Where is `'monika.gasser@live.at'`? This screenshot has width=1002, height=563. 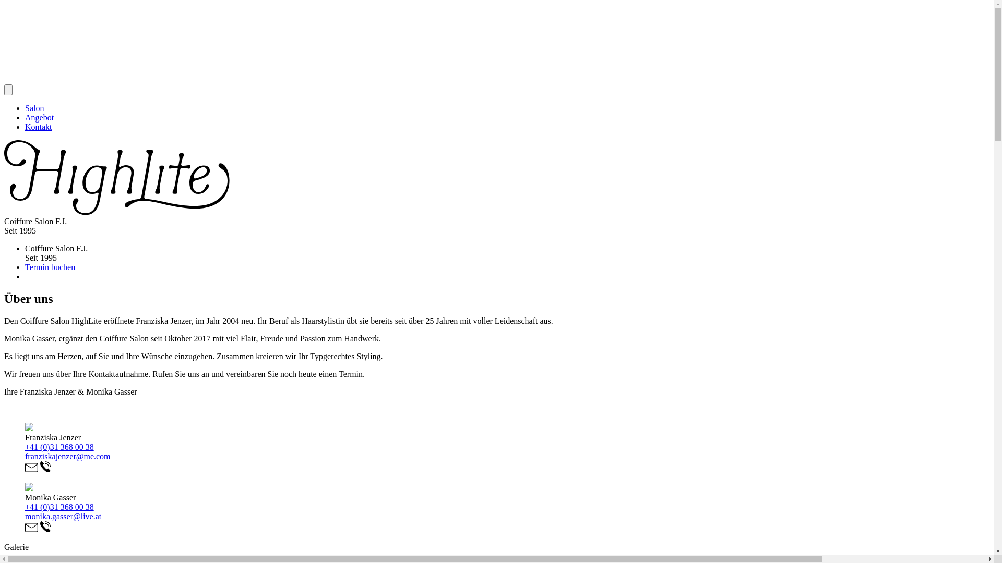 'monika.gasser@live.at' is located at coordinates (62, 516).